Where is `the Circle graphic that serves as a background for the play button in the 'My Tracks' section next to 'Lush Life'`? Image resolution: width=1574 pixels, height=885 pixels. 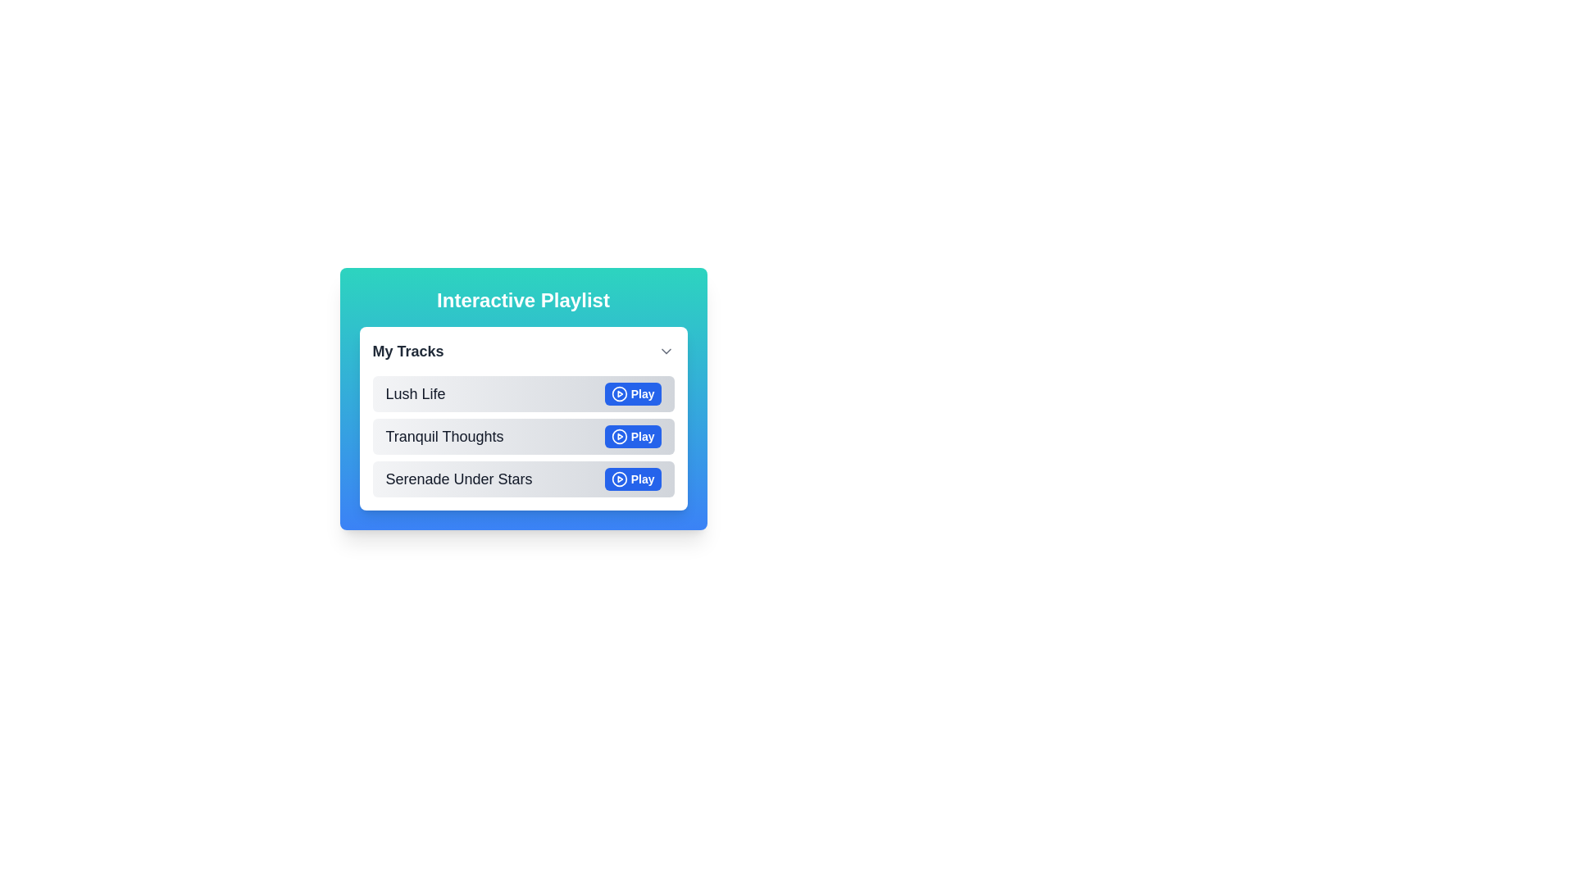 the Circle graphic that serves as a background for the play button in the 'My Tracks' section next to 'Lush Life' is located at coordinates (618, 394).